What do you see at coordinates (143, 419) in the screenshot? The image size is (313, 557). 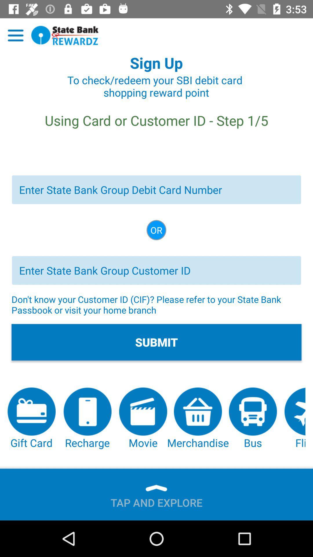 I see `app next to merchandise icon` at bounding box center [143, 419].